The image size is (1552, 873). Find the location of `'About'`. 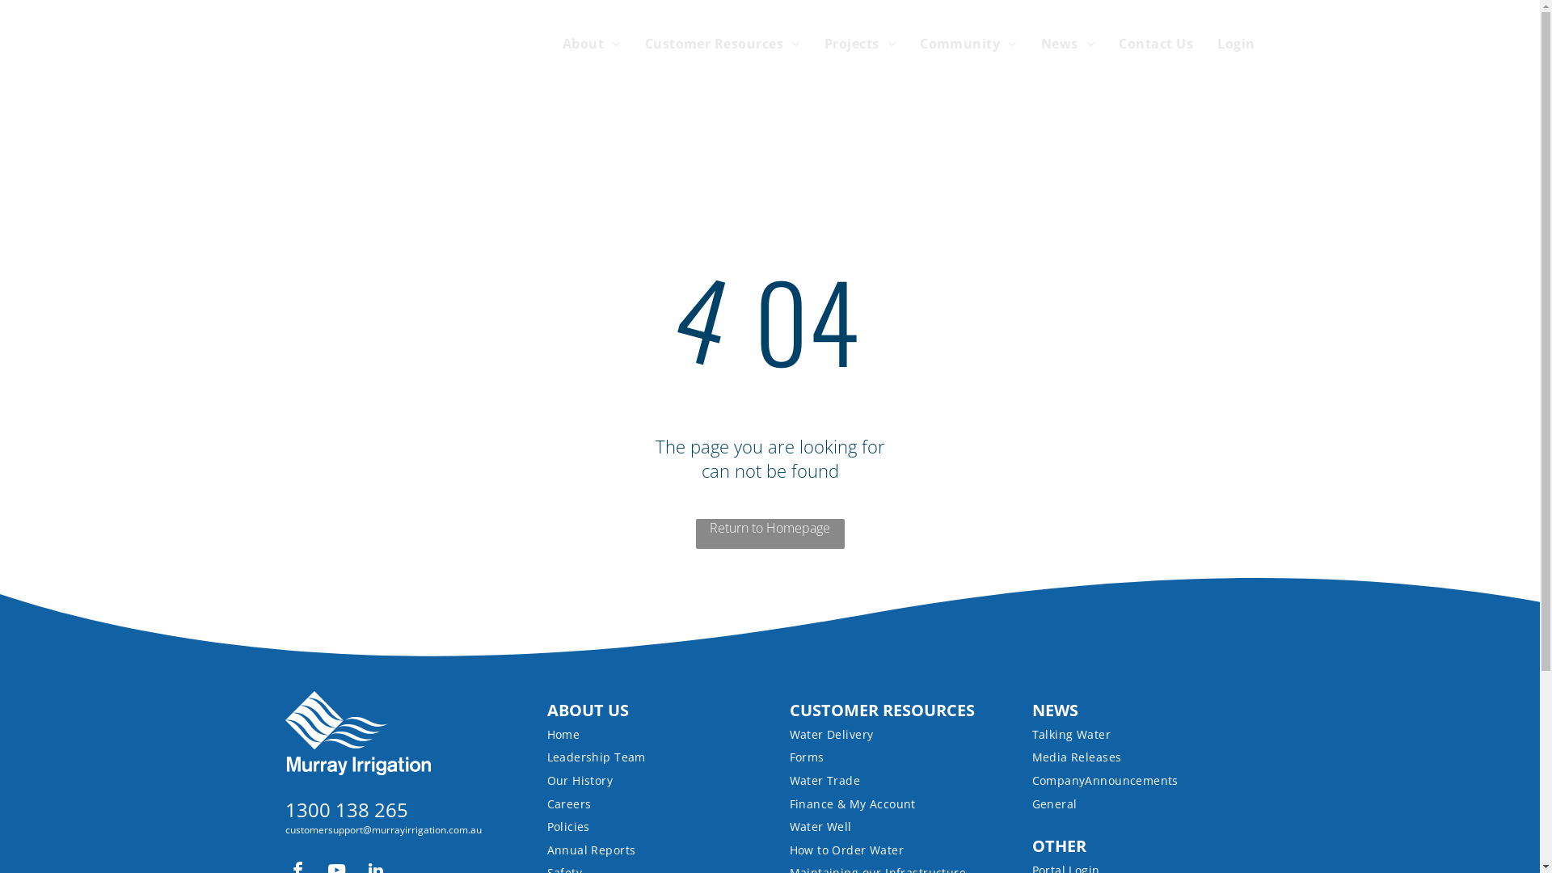

'About' is located at coordinates (579, 43).